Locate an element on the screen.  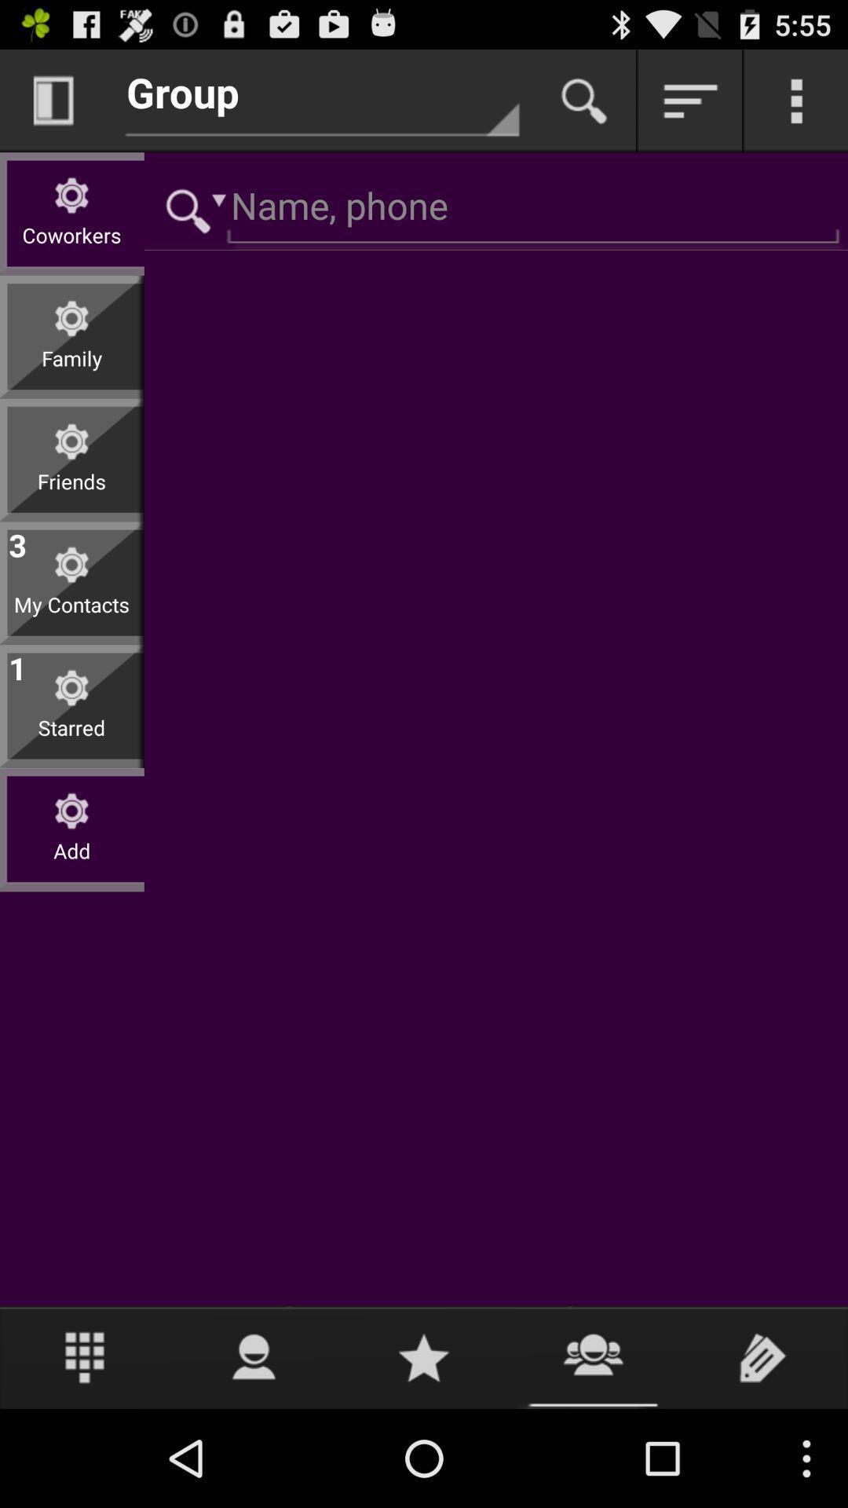
number pad is located at coordinates (85, 1356).